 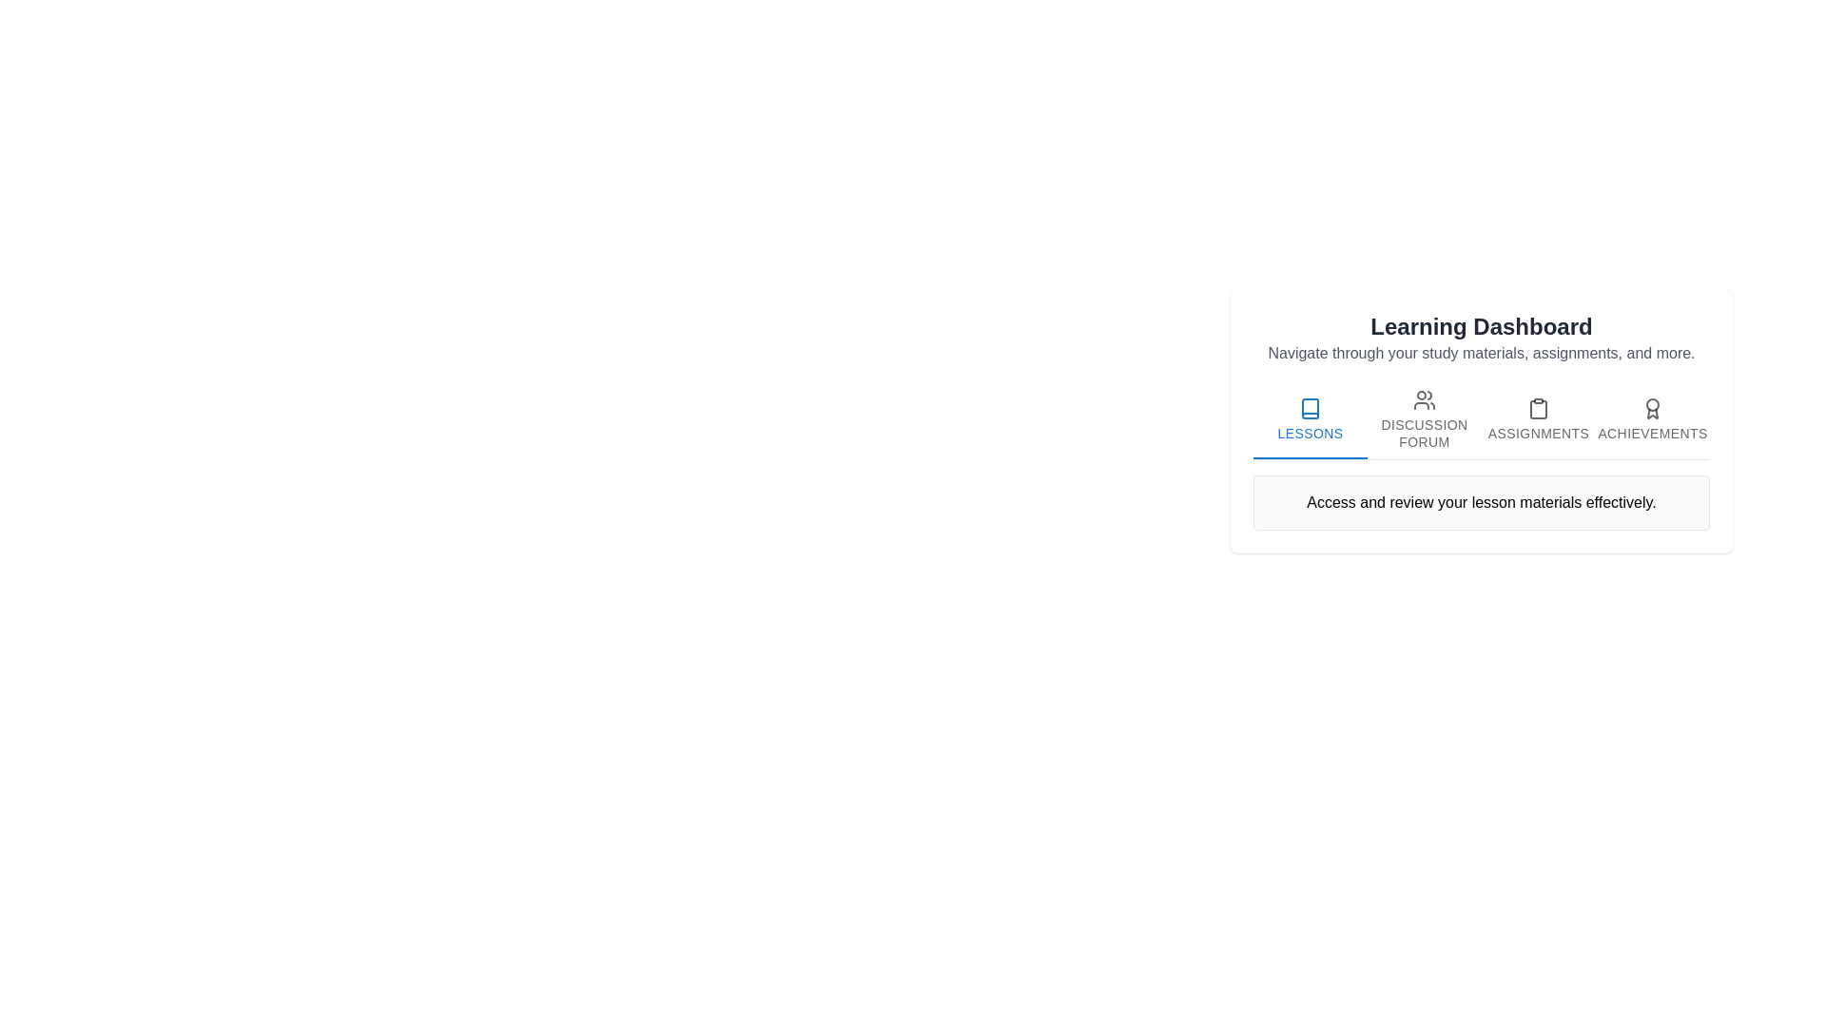 What do you see at coordinates (1309, 406) in the screenshot?
I see `the 'Lessons' icon located in the top-left corner of the menu section to navigate to the lessons section` at bounding box center [1309, 406].